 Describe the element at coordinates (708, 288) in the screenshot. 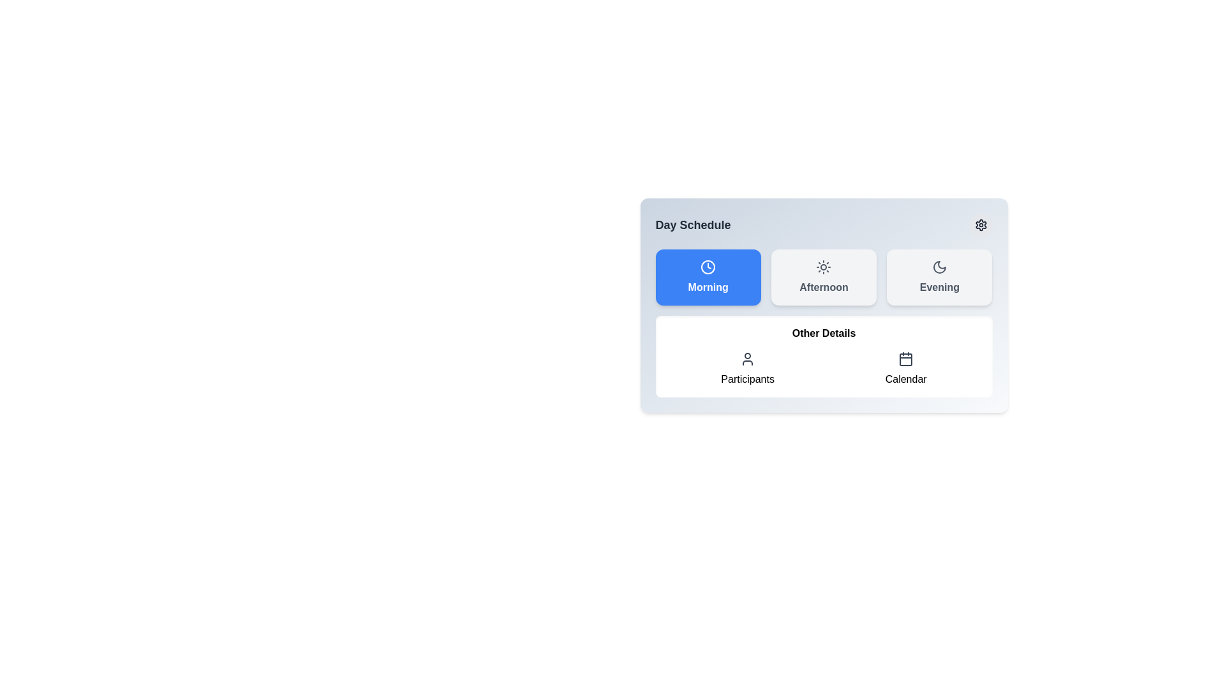

I see `or read the text displayed on the 'Morning' timeframe label located in the top-left corner of the 'Day Schedule' panel` at that location.